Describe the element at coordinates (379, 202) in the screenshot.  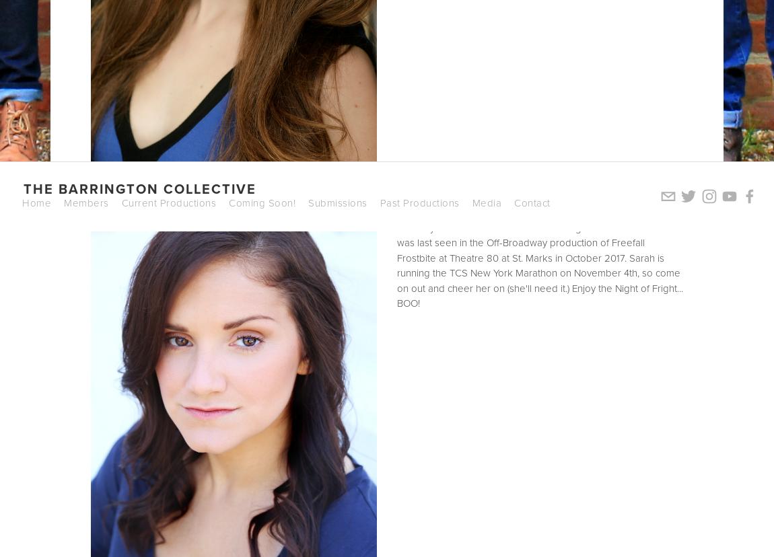
I see `'Past Productions'` at that location.